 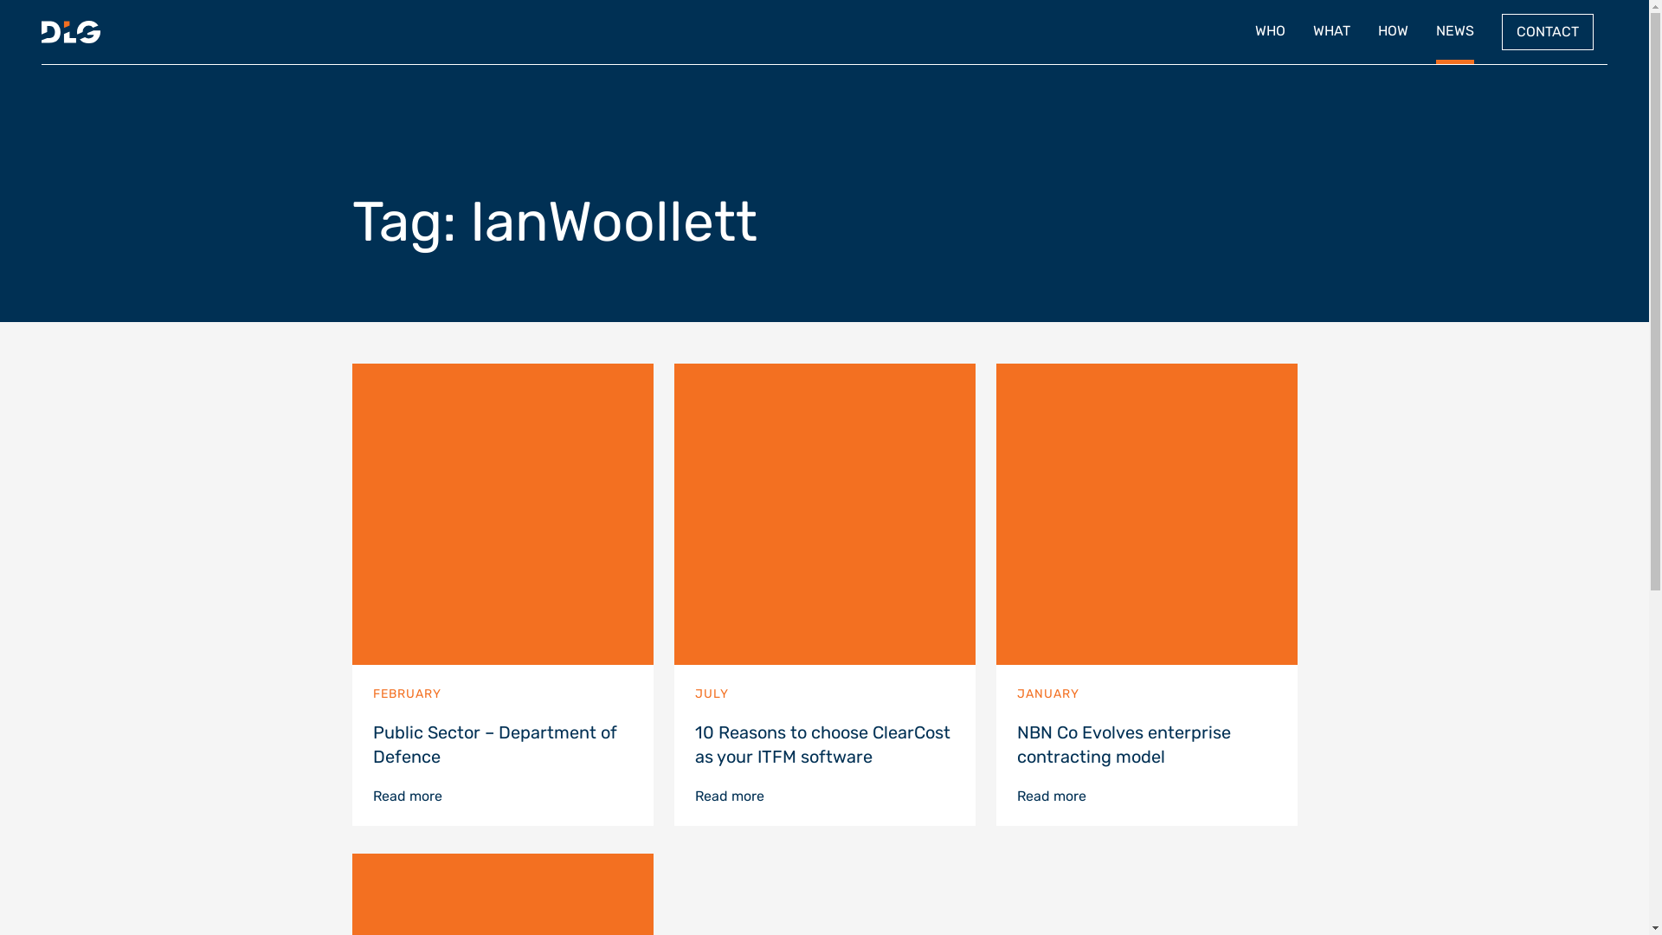 I want to click on 'JANUARY, so click(x=1146, y=574).